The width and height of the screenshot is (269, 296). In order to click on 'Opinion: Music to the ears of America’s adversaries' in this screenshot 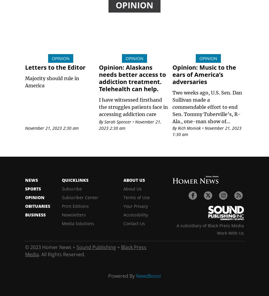, I will do `click(204, 74)`.